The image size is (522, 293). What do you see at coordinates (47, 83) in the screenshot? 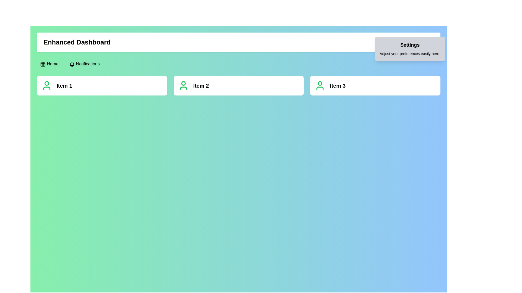
I see `the upper circular portion of the user icon that visually represents a user profile, located next to the text label 'Item 2'` at bounding box center [47, 83].